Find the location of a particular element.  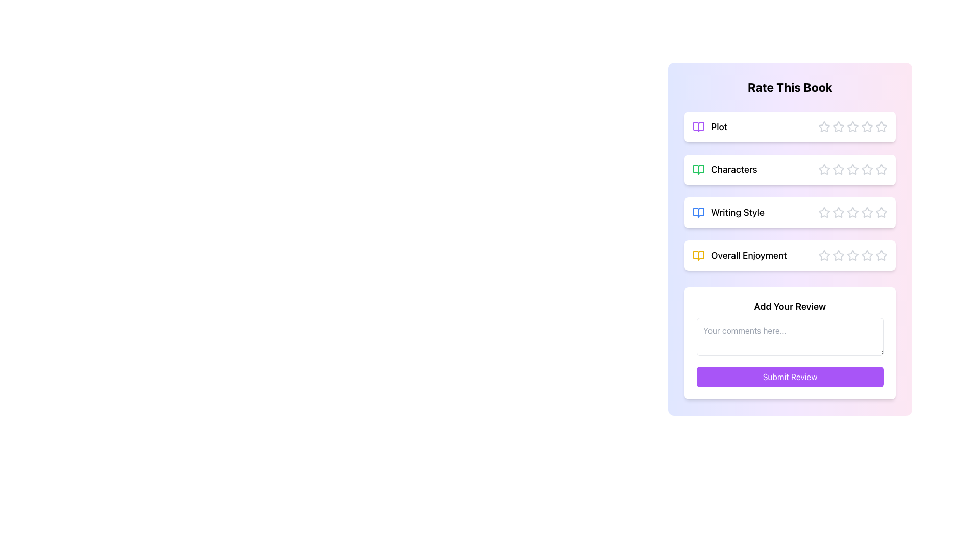

the second star icon in the 'Characters' rating row is located at coordinates (838, 168).